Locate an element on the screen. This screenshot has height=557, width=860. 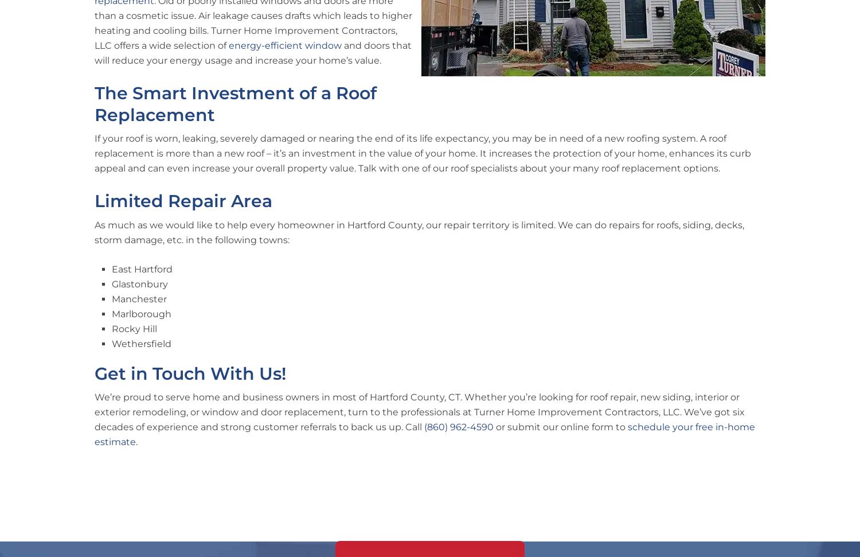
'Limited Repair Area' is located at coordinates (182, 201).